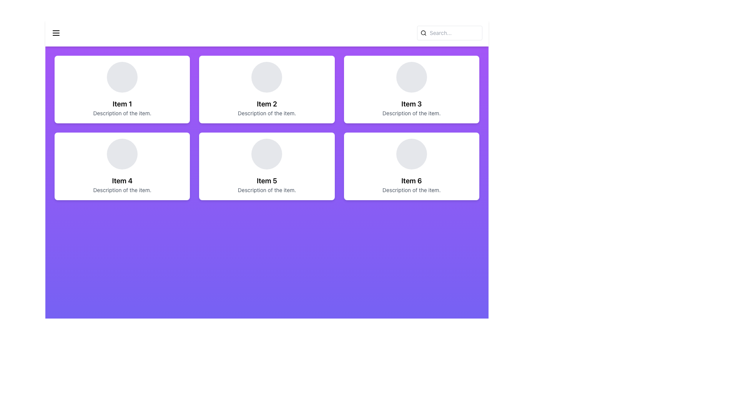  I want to click on text label displaying 'Description of the item.' located beneath the header 'Item 3' in the top-right card of the grid, so click(411, 113).